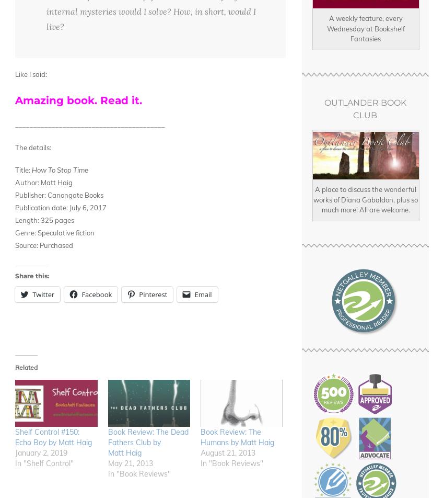 The width and height of the screenshot is (444, 498). I want to click on 'A weekly feature, every Wednesday at Bookshelf Fantasies', so click(365, 28).